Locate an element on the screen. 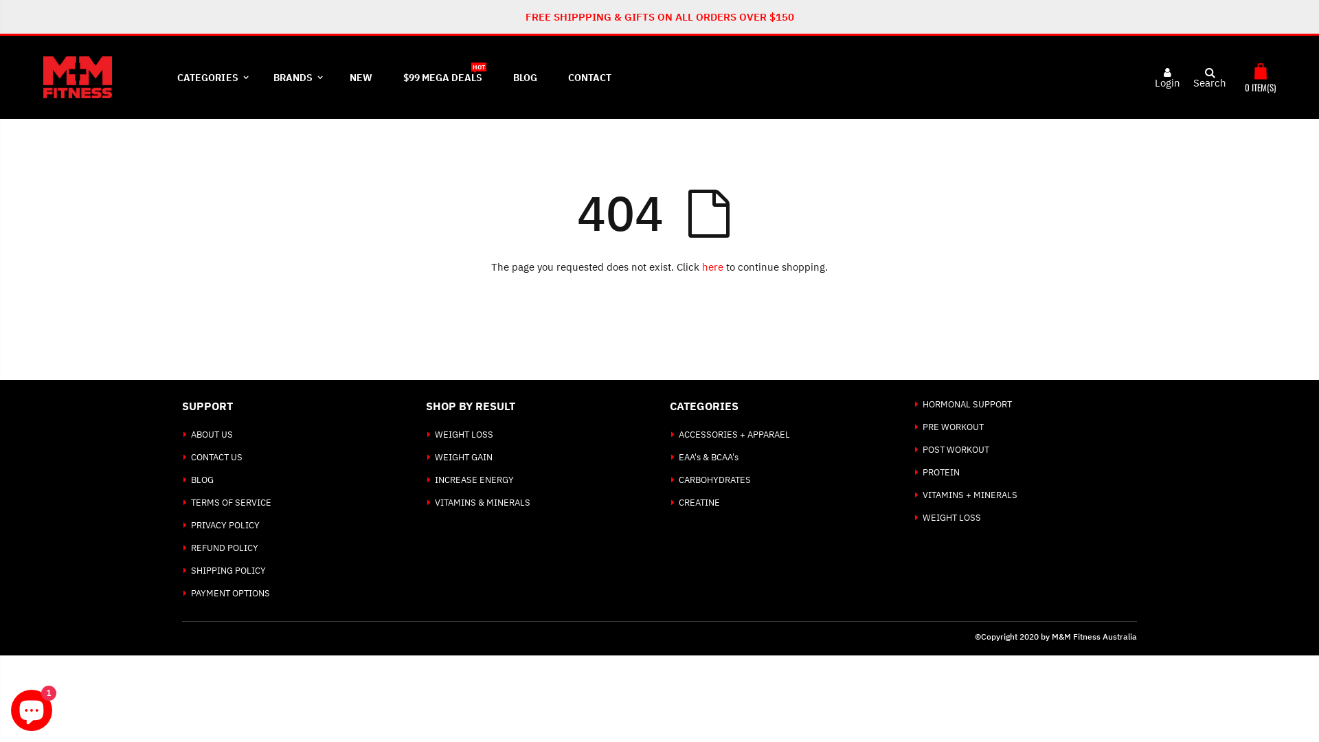 The width and height of the screenshot is (1319, 742). 'PRE WORKOUT' is located at coordinates (952, 426).